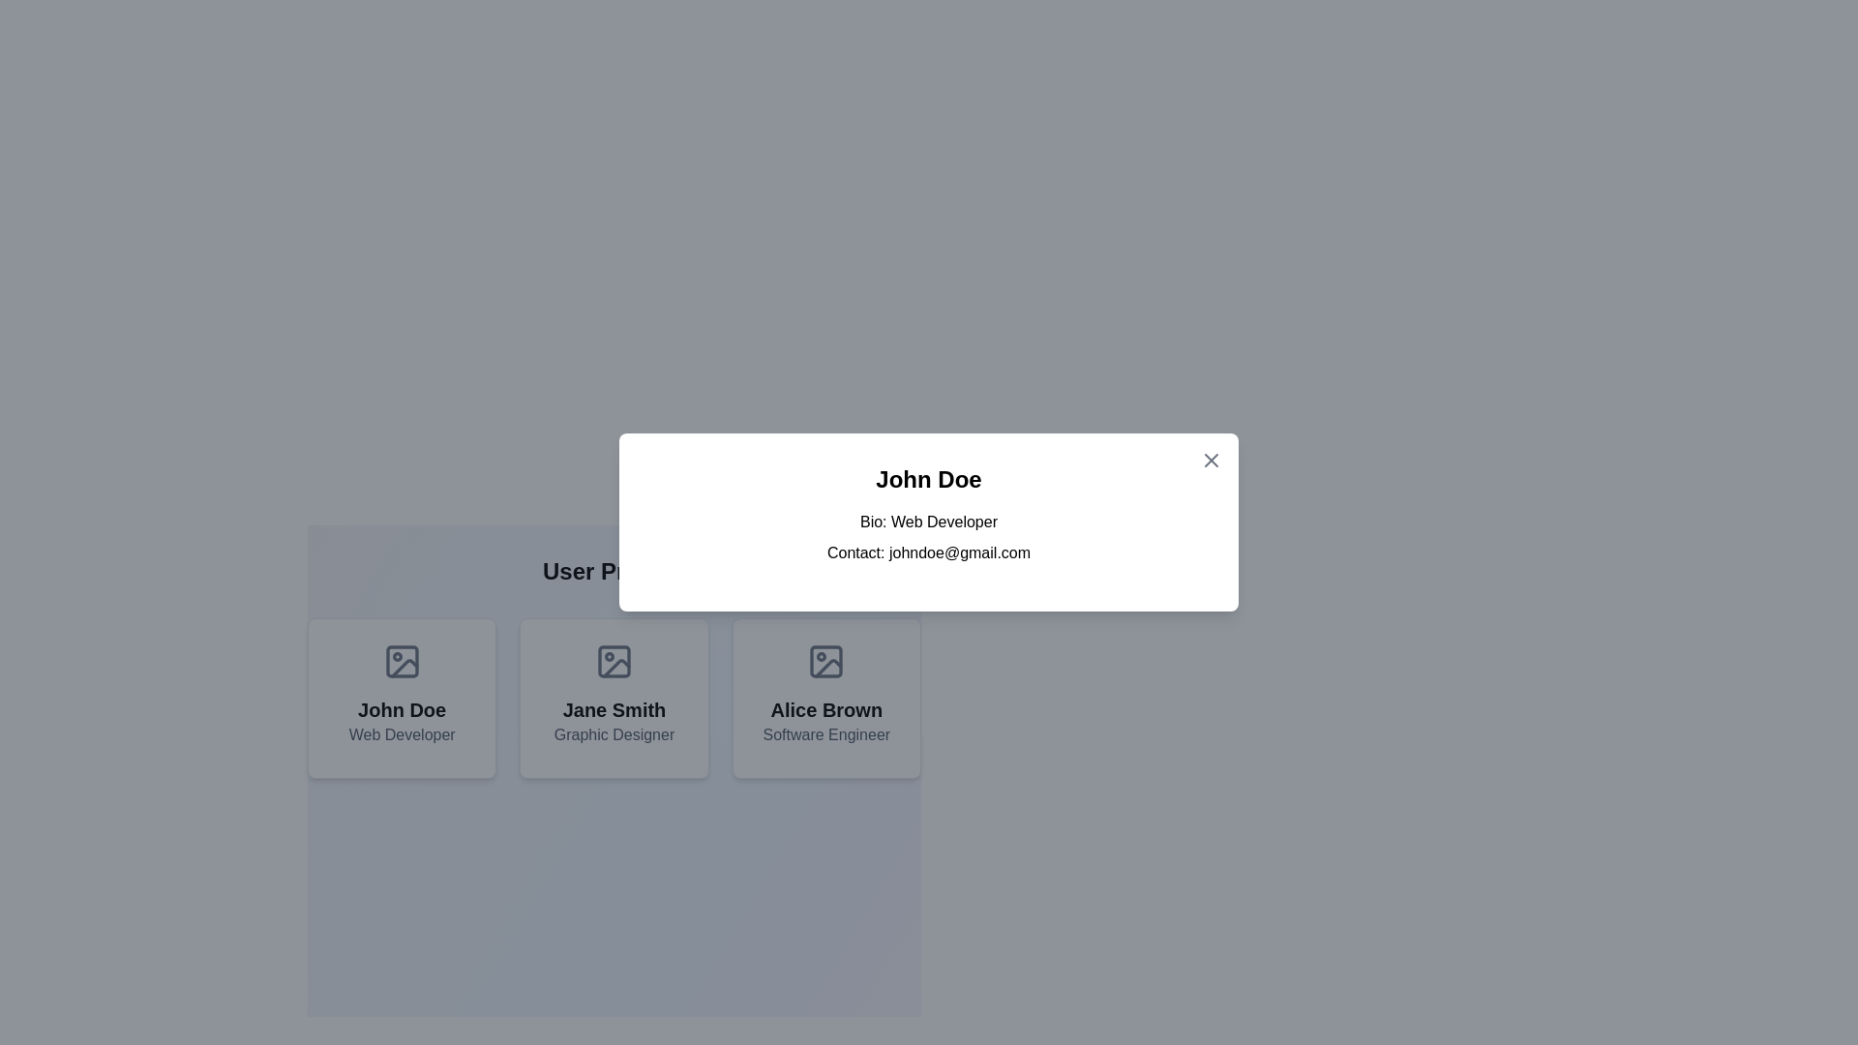 The image size is (1858, 1045). I want to click on the close button located at the top-right corner of the modal dialog to observe the hover effect, so click(1211, 460).